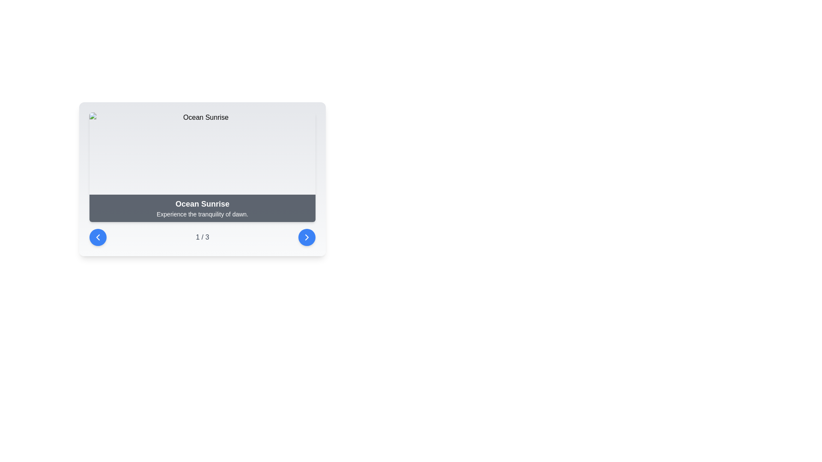 The image size is (822, 462). What do you see at coordinates (98, 237) in the screenshot?
I see `the left-pointing chevron icon button enclosed within a blue circular button located on the left side of the navigation control bar below the 'Ocean Sunrise' card` at bounding box center [98, 237].